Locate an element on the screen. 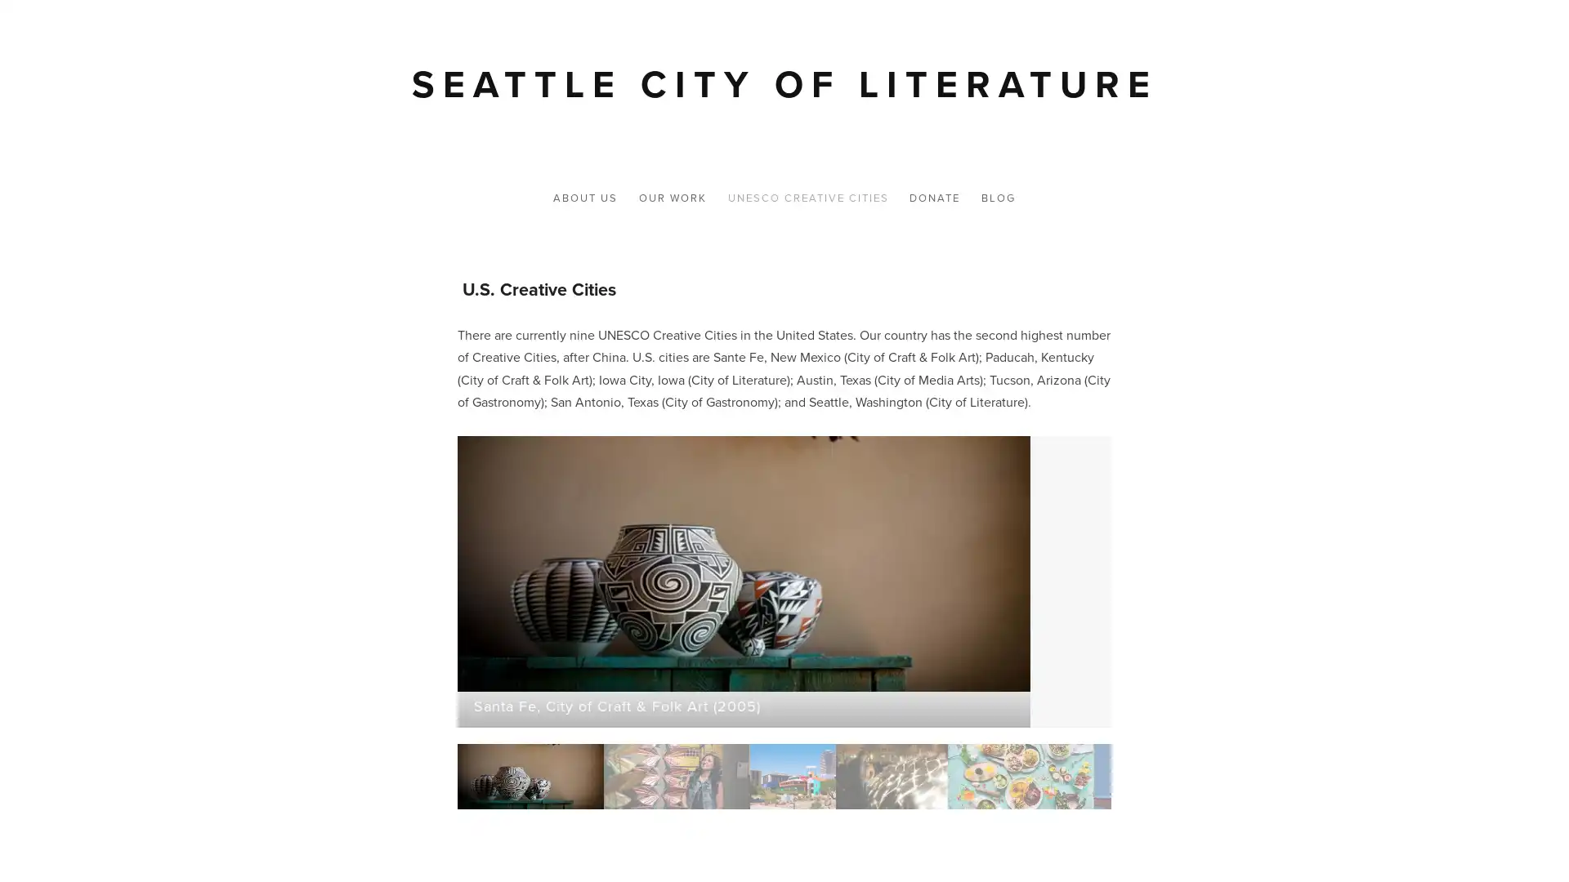 The height and width of the screenshot is (882, 1569). Slide 1 is located at coordinates (422, 776).